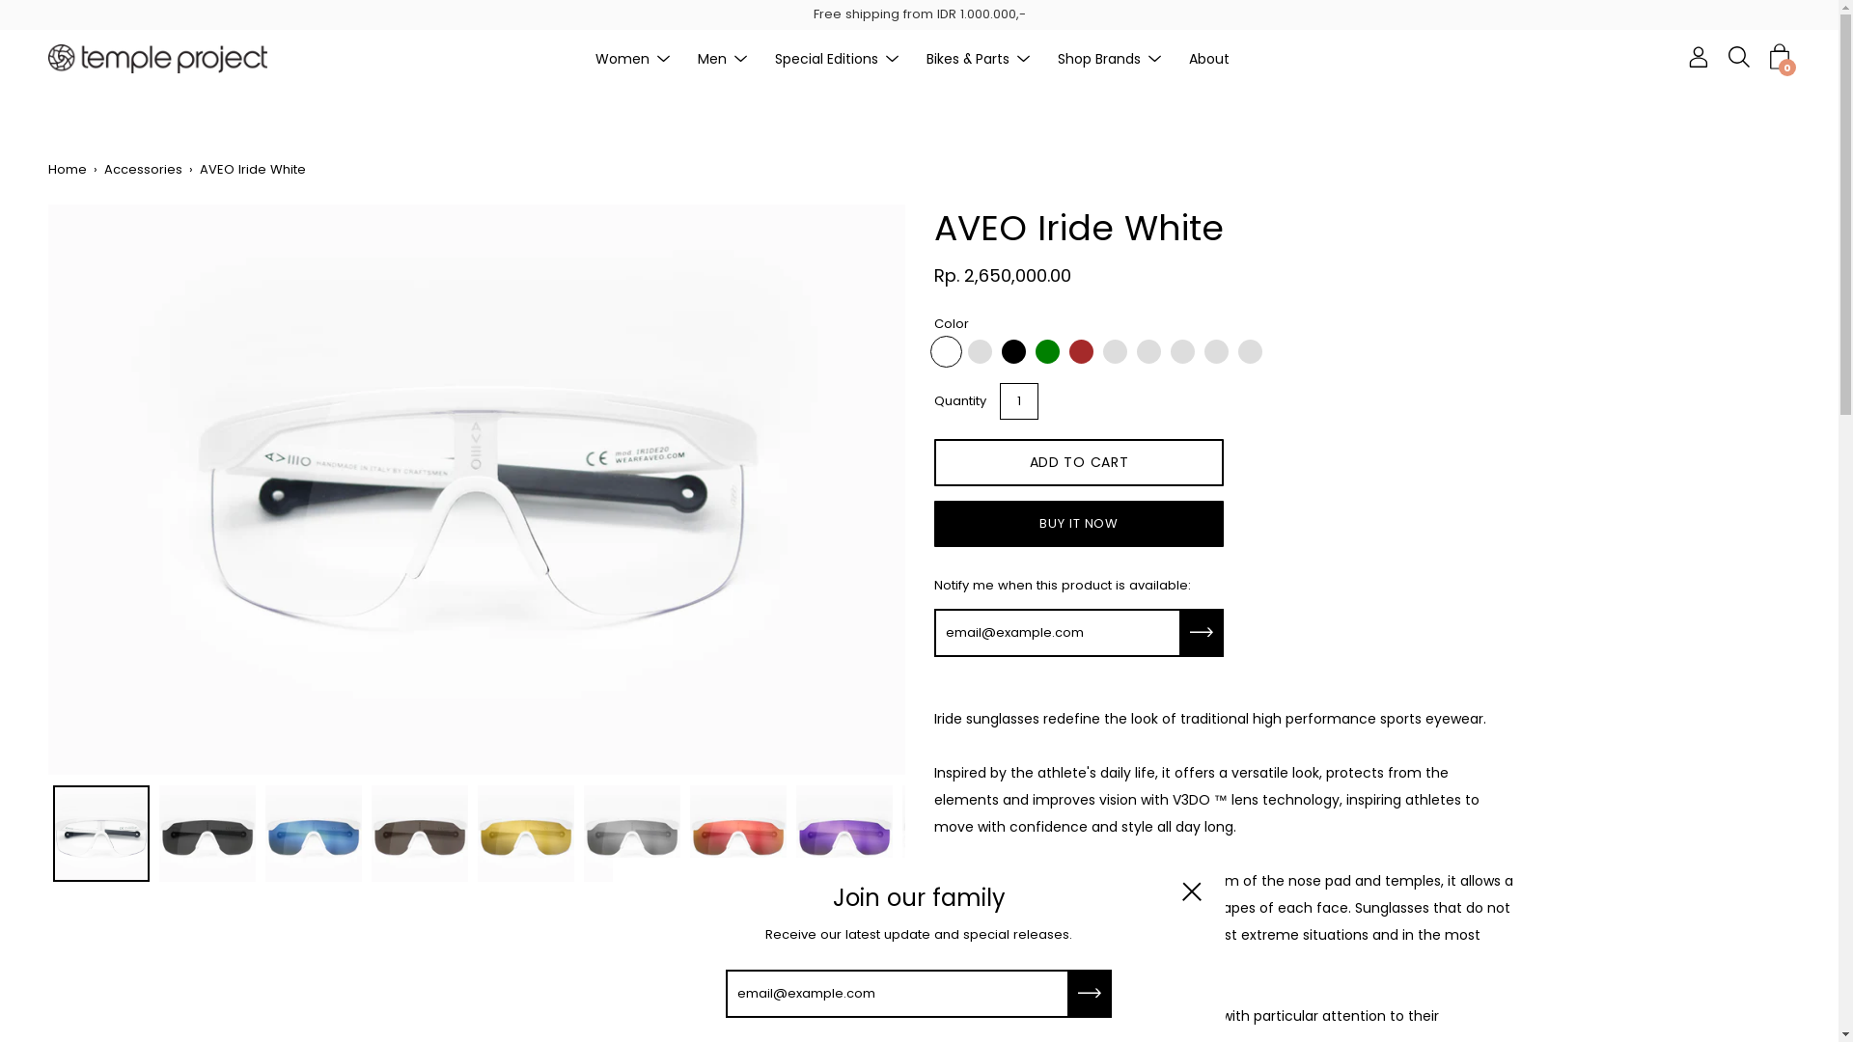  I want to click on 'About', so click(1207, 58).